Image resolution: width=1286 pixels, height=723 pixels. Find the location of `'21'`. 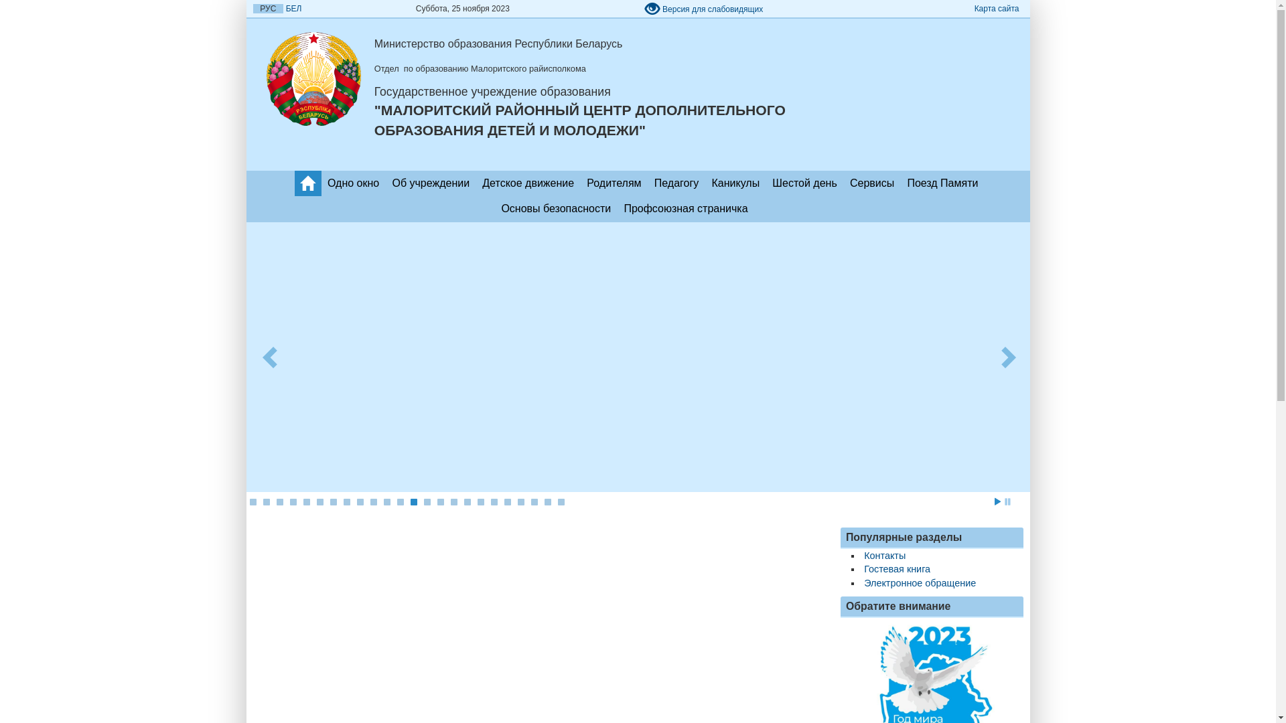

'21' is located at coordinates (520, 501).